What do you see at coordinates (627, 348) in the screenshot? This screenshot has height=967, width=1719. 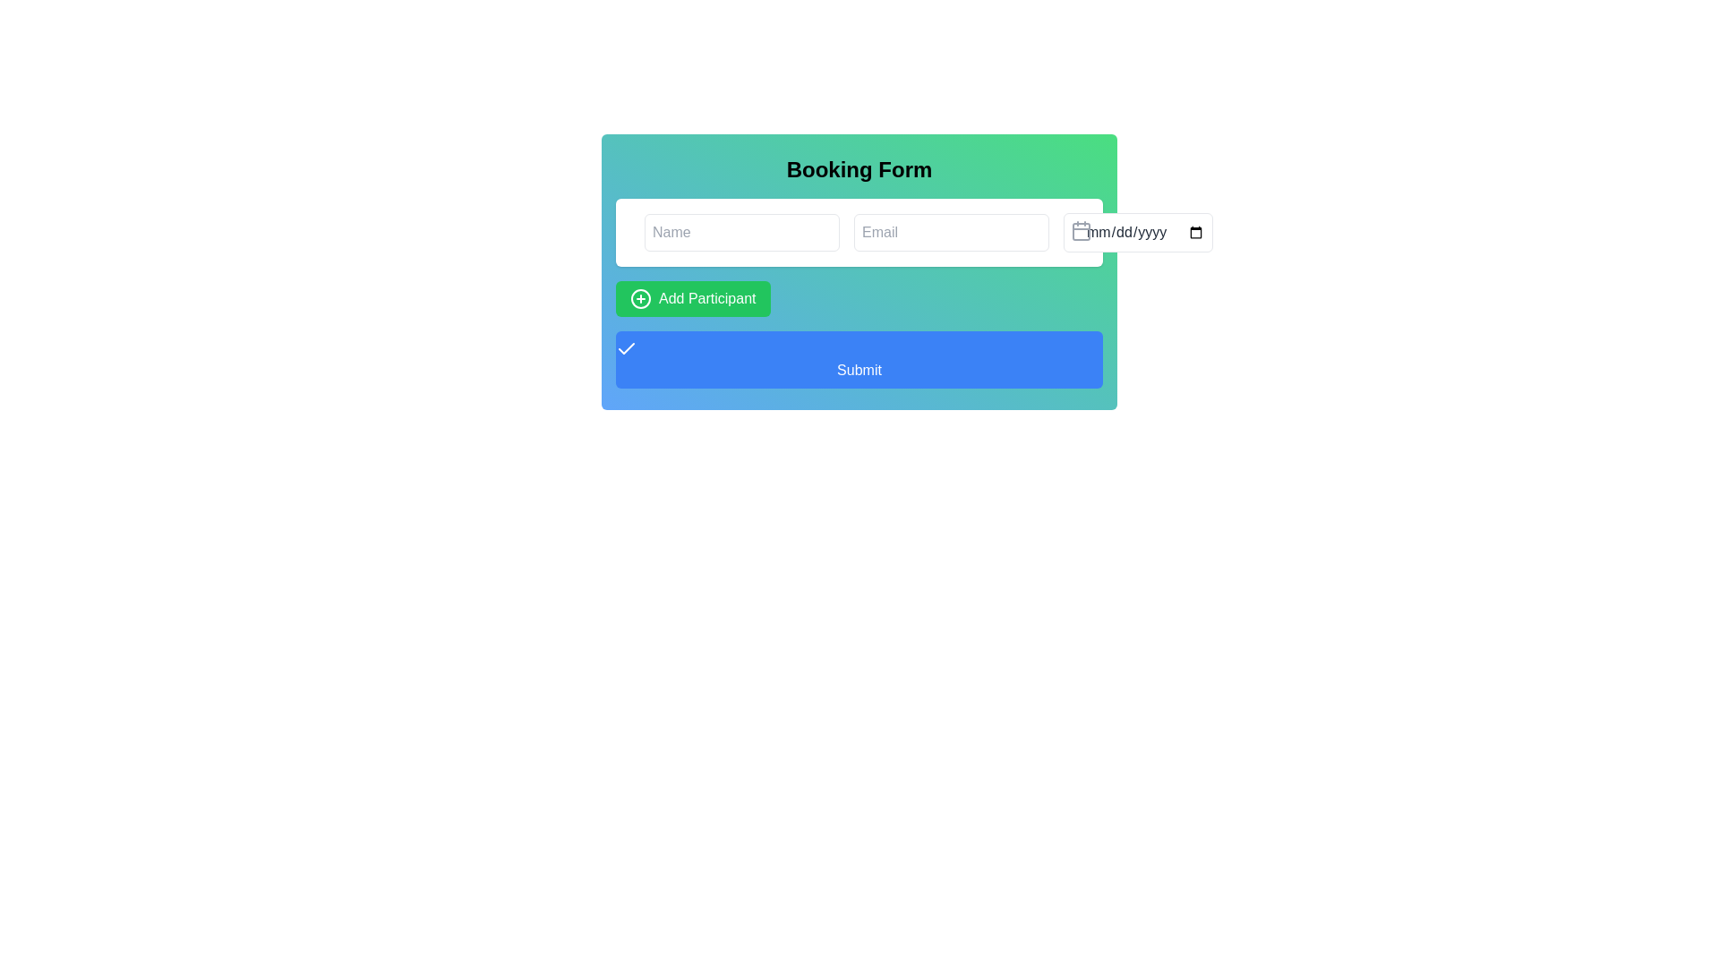 I see `the confirmation icon located on the left edge of the 'Submit' button at the bottom of the form` at bounding box center [627, 348].